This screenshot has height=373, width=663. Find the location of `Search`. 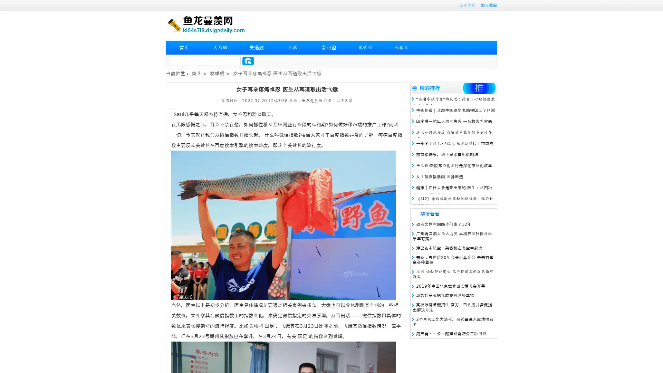

Search is located at coordinates (248, 61).